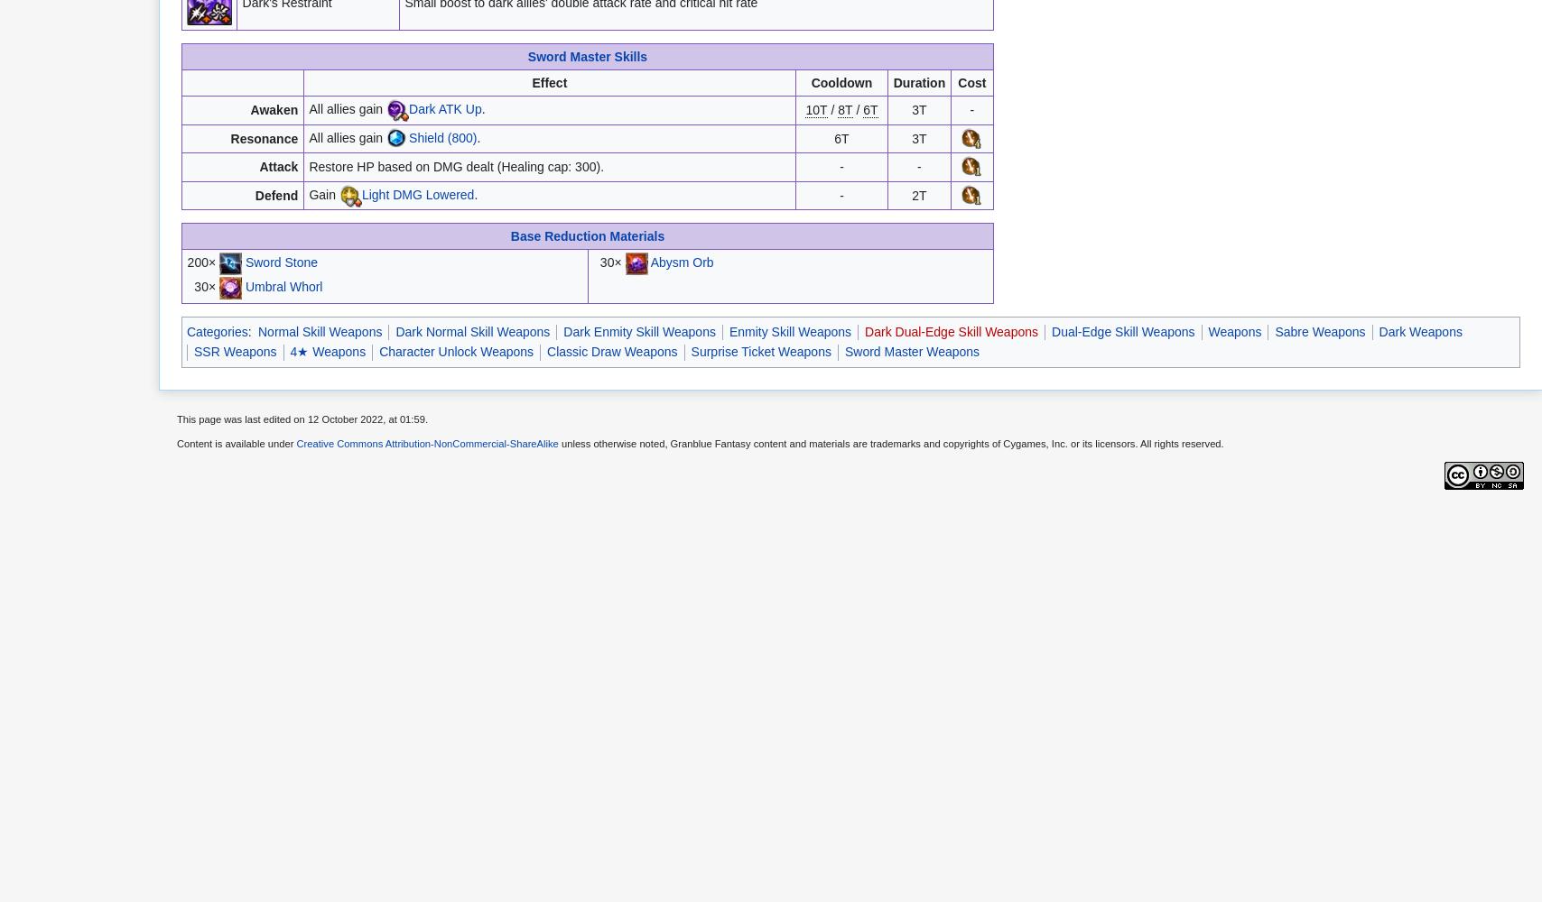  Describe the element at coordinates (890, 443) in the screenshot. I see `'unless otherwise noted, Granblue Fantasy content and materials are trademarks and copyrights of  Cygames, Inc. or its licensors. All rights reserved.'` at that location.